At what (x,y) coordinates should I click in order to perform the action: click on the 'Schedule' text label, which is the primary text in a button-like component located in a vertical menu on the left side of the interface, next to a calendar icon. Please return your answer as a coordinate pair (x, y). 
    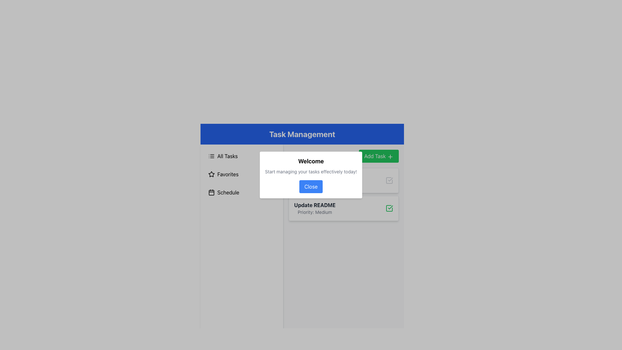
    Looking at the image, I should click on (228, 192).